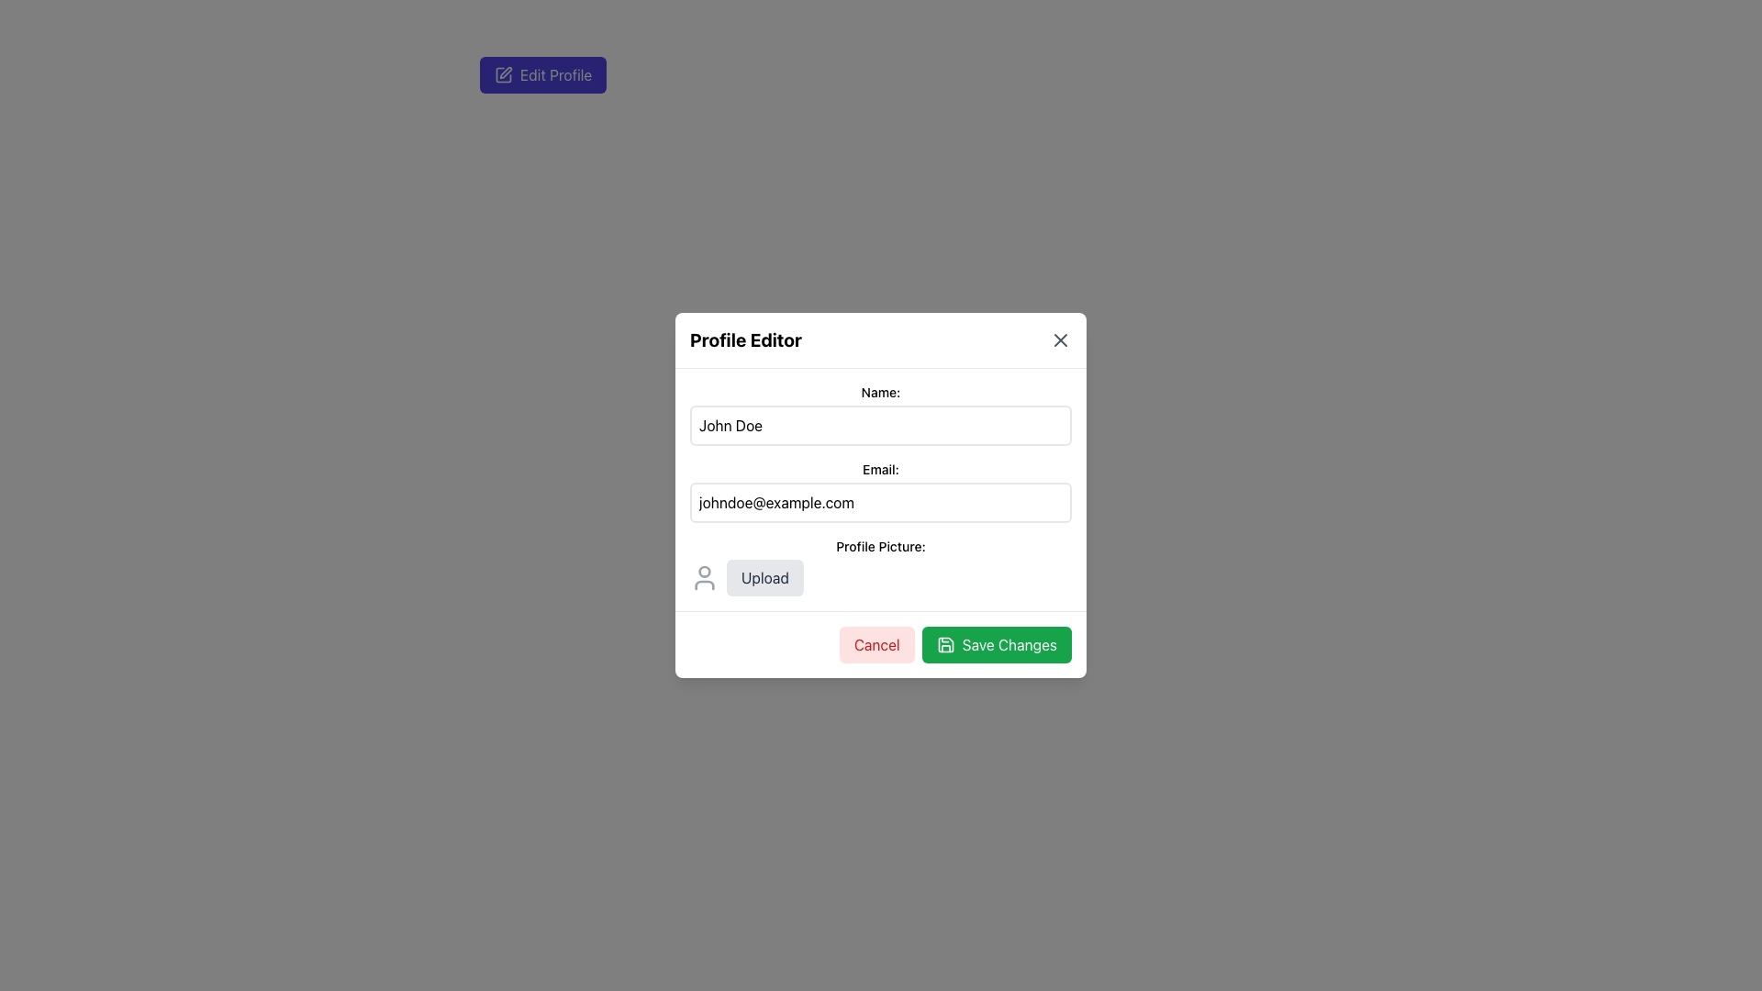 This screenshot has height=991, width=1762. I want to click on label displaying the text 'Email:' located in the 'Profile Editor' panel above the email input field, so click(881, 469).